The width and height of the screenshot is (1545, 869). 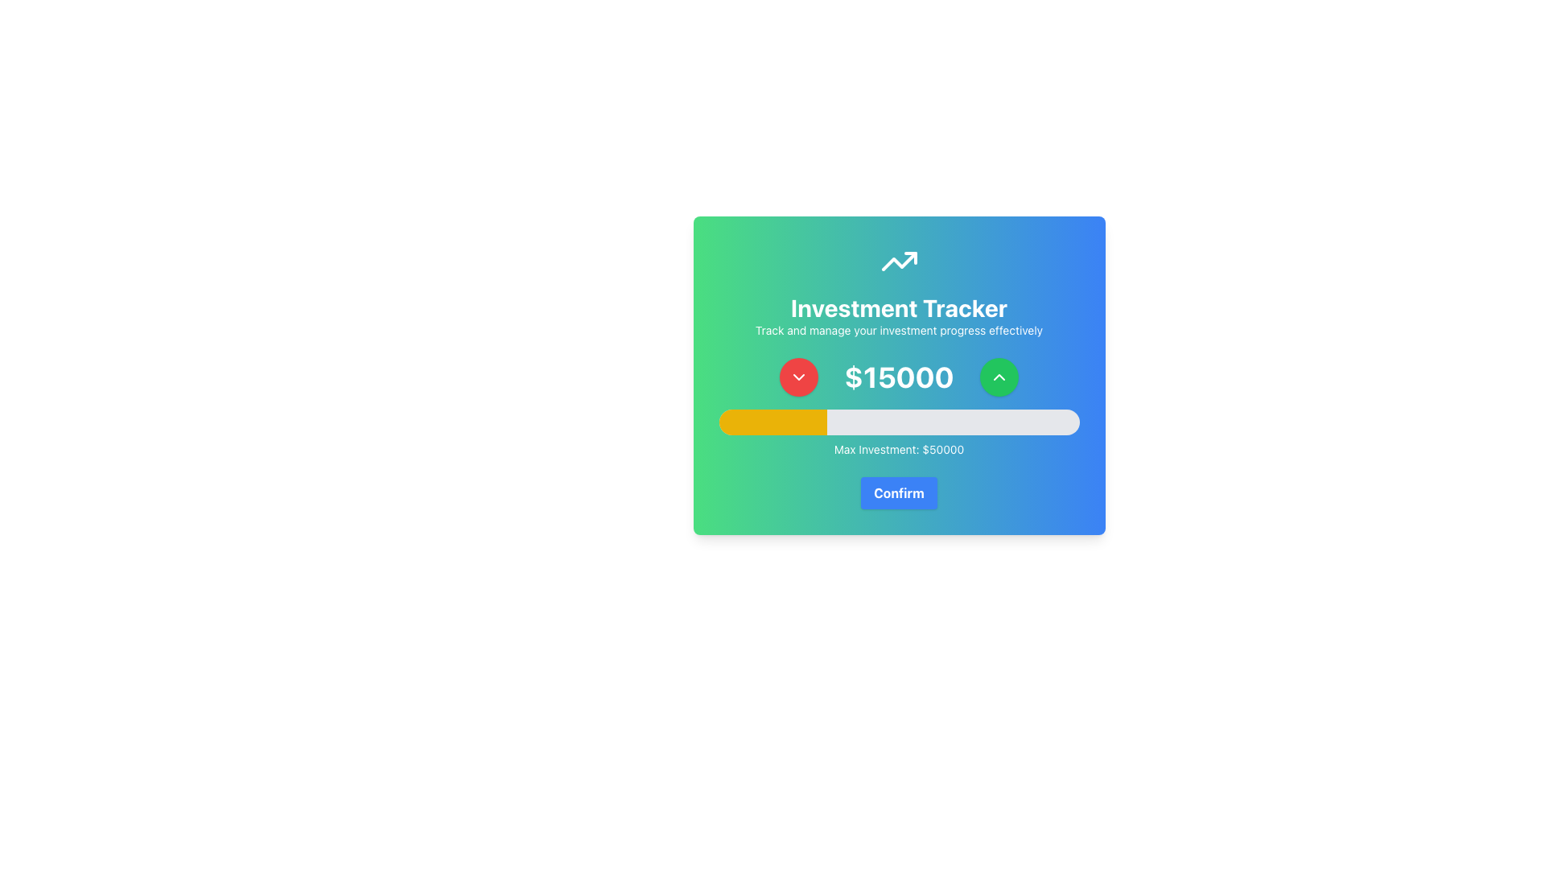 What do you see at coordinates (837, 421) in the screenshot?
I see `progress` at bounding box center [837, 421].